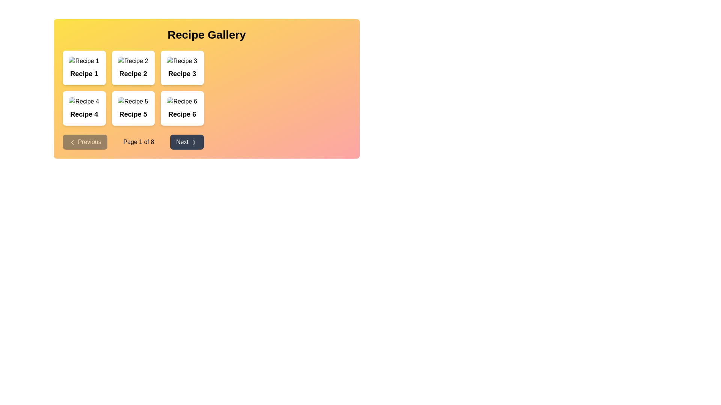 The width and height of the screenshot is (721, 405). Describe the element at coordinates (133, 73) in the screenshot. I see `the 'Recipe 2' label, which is displayed in a bold font style and located at the bottom of the second card in the top row of the 'Recipe Gallery' section` at that location.